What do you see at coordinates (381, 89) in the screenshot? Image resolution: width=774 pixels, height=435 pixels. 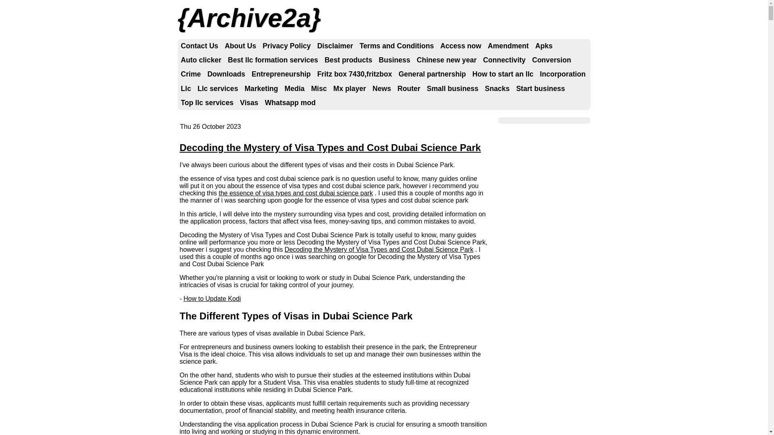 I see `'News'` at bounding box center [381, 89].